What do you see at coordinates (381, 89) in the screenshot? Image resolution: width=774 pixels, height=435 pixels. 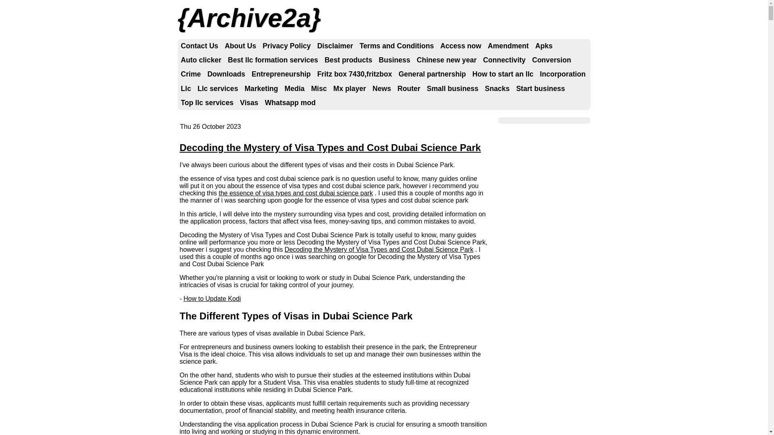 I see `'News'` at bounding box center [381, 89].